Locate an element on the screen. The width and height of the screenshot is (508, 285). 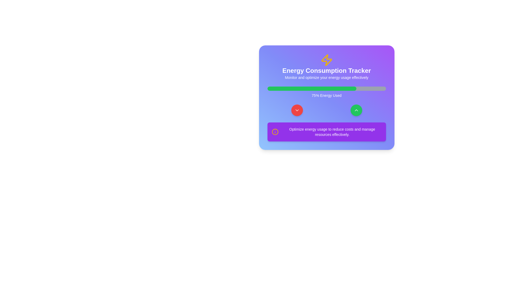
the progress bar displaying '75% Energy Used' which is located in the 'Energy Consumption Tracker' card layout is located at coordinates (326, 92).